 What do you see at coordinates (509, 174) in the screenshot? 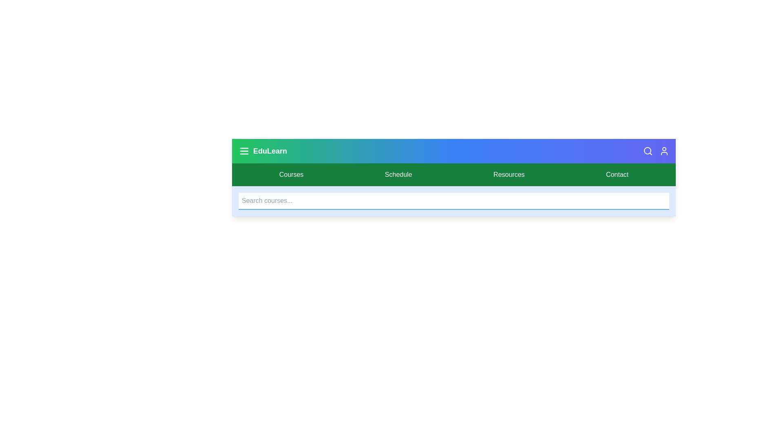
I see `the Resources navigation link` at bounding box center [509, 174].